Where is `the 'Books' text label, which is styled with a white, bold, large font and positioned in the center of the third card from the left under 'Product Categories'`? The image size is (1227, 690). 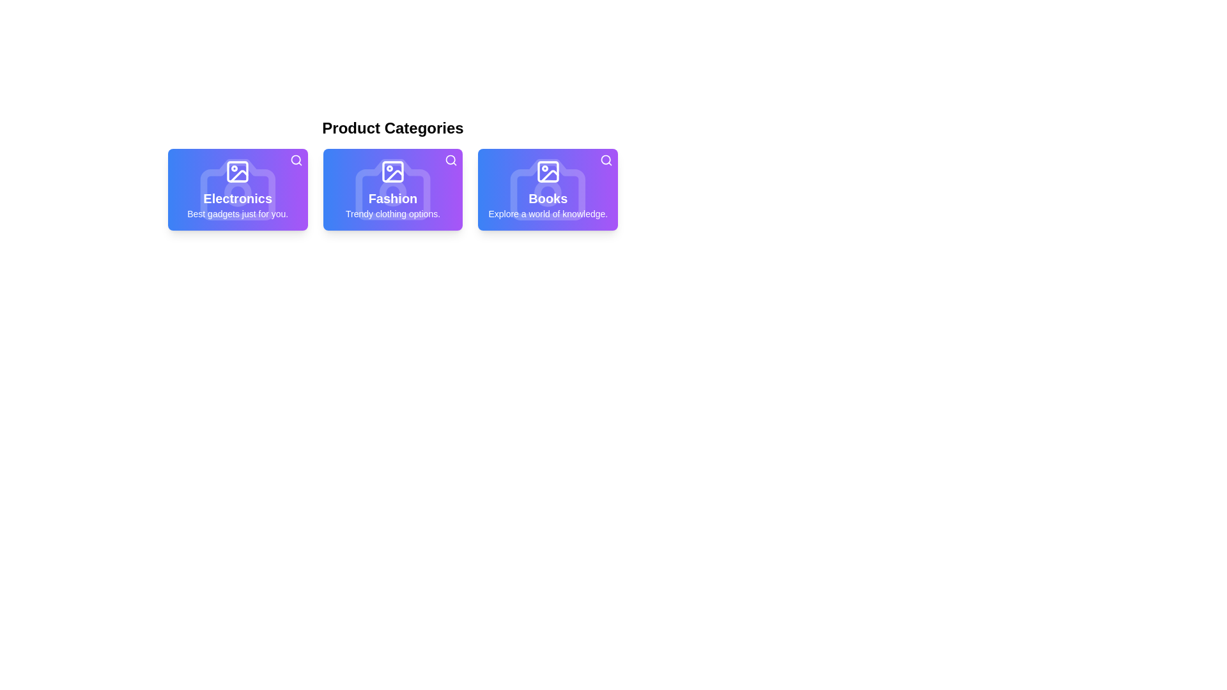
the 'Books' text label, which is styled with a white, bold, large font and positioned in the center of the third card from the left under 'Product Categories' is located at coordinates (548, 199).